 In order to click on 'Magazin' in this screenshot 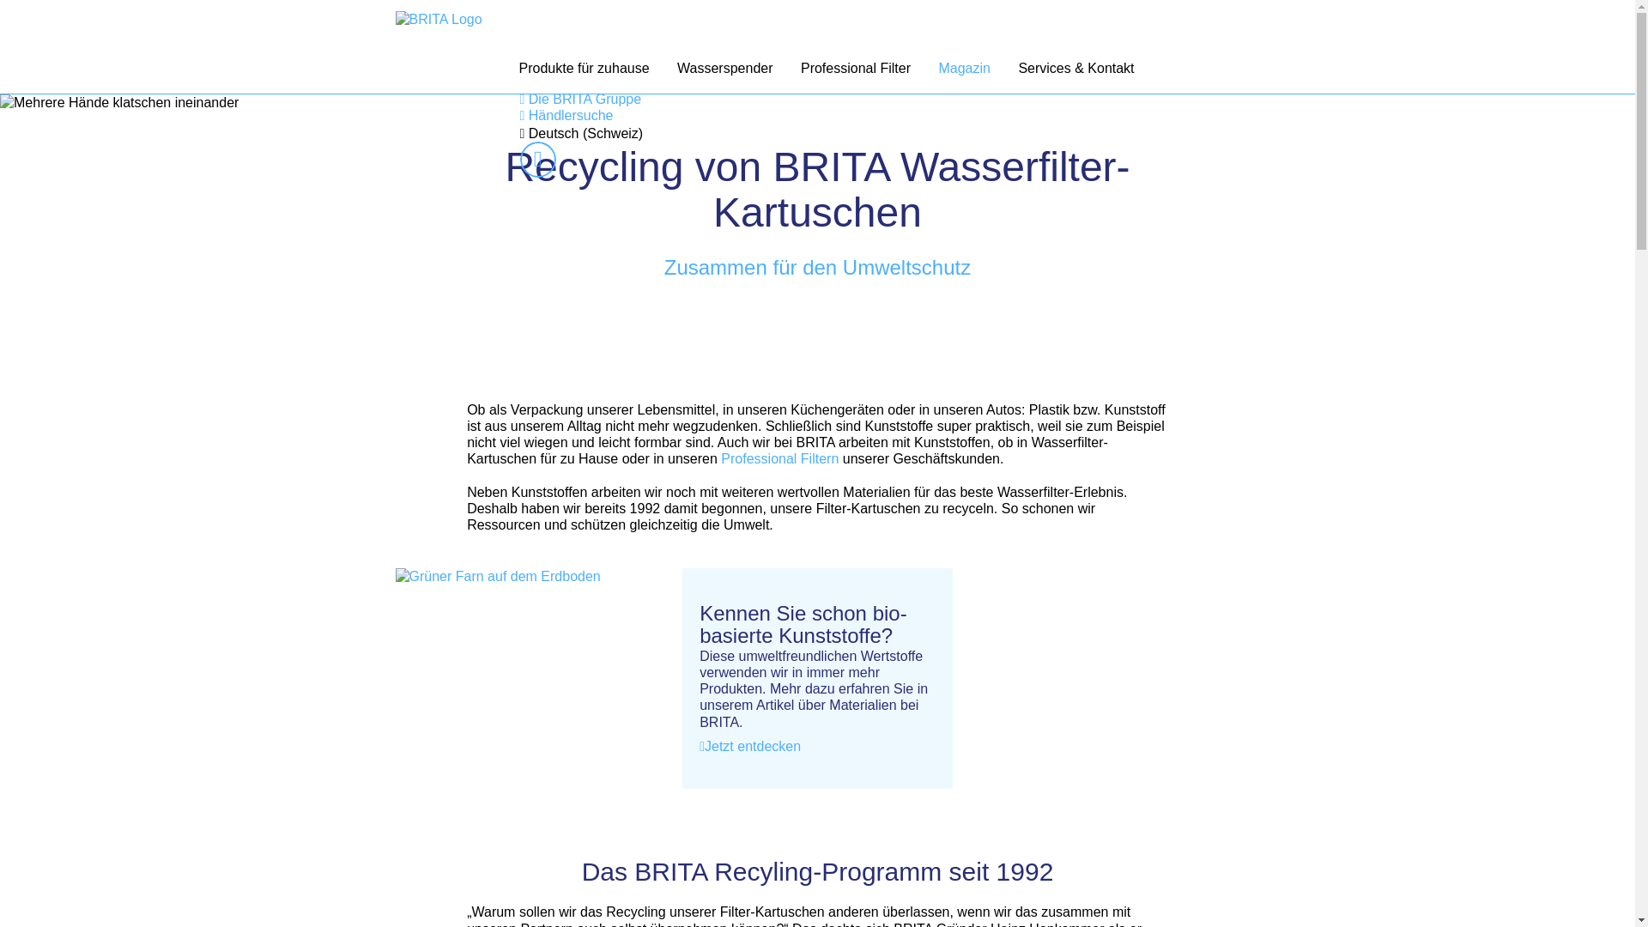, I will do `click(964, 69)`.